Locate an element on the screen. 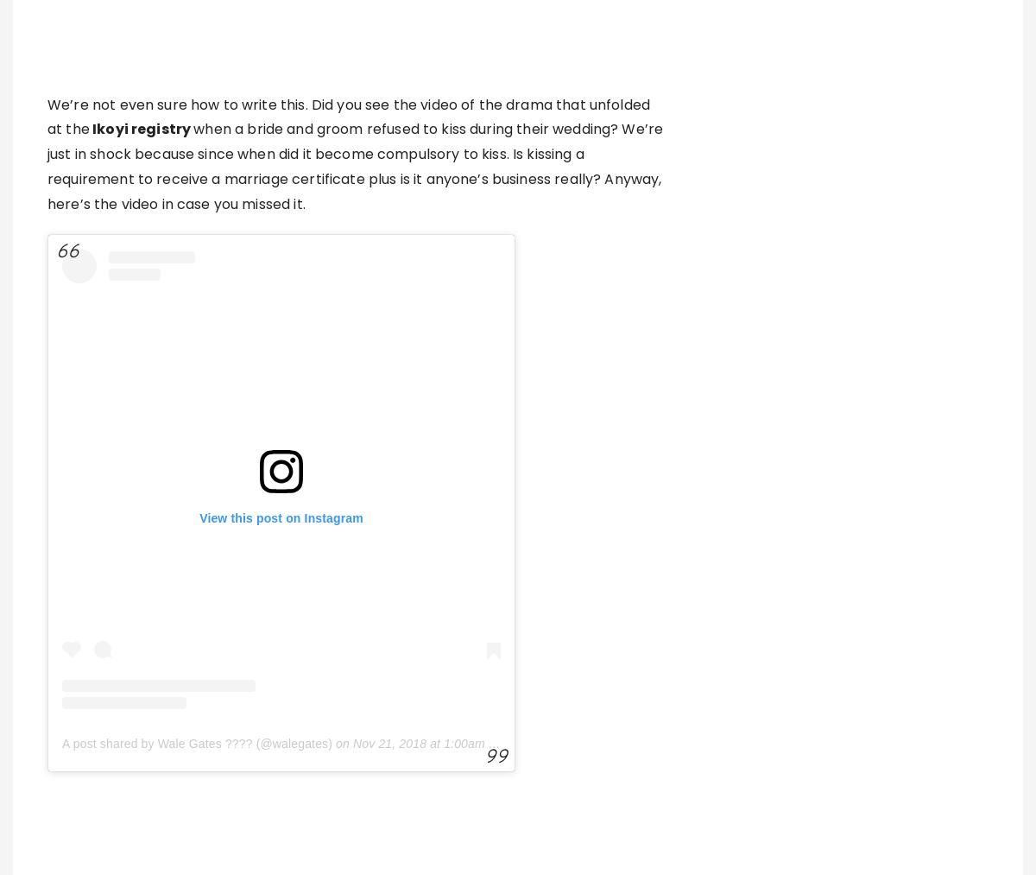 This screenshot has width=1036, height=875. ', five Democratic women candidates who were bridesmaids at each other’s weddings became senators on the 6th of November. That’s just amazing.' is located at coordinates (356, 808).